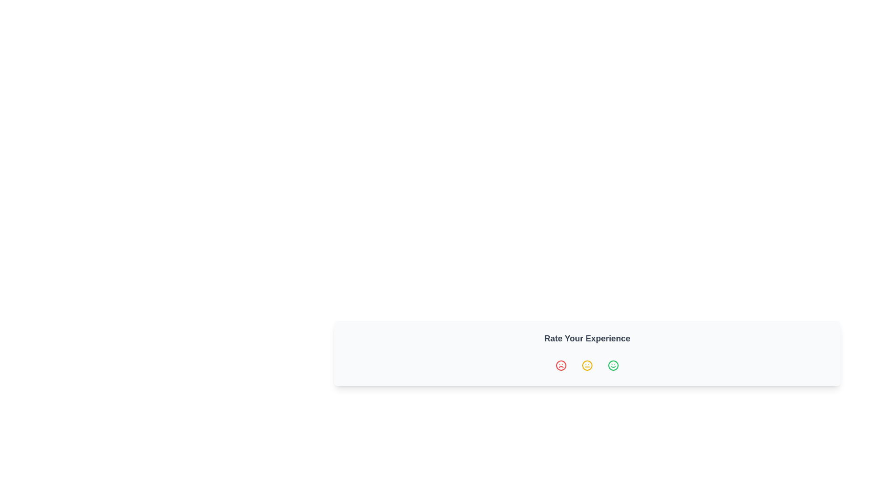 This screenshot has height=503, width=895. What do you see at coordinates (613, 365) in the screenshot?
I see `the happy face icon, which is the rightmost SVG circle in the row of emotive face icons indicating user satisfaction` at bounding box center [613, 365].